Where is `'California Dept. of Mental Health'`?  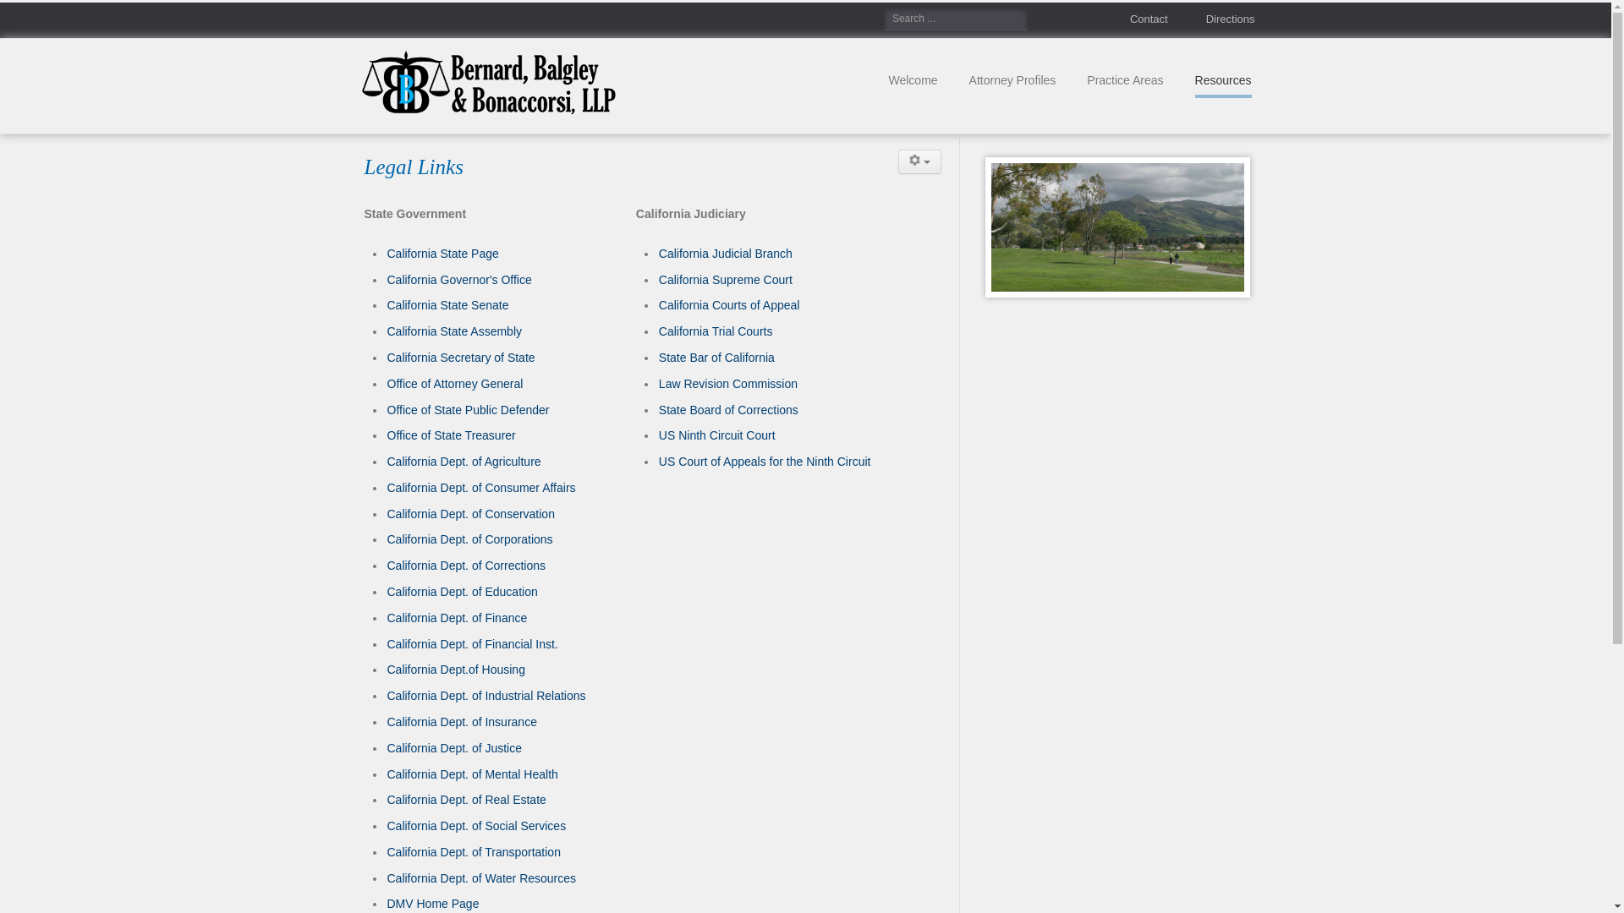
'California Dept. of Mental Health' is located at coordinates (472, 774).